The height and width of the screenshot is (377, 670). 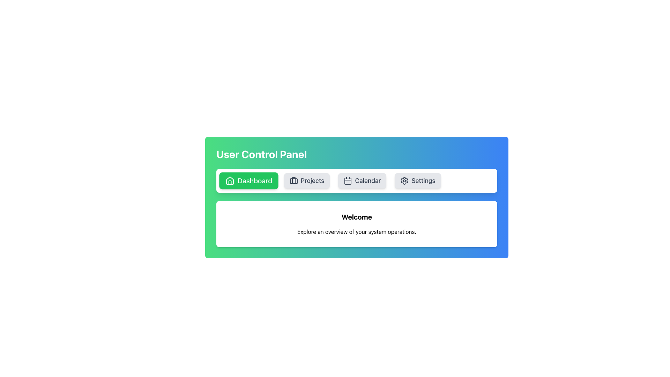 What do you see at coordinates (230, 180) in the screenshot?
I see `the house outline icon located within the green button labeled 'Dashboard' in the navigation menu bar` at bounding box center [230, 180].